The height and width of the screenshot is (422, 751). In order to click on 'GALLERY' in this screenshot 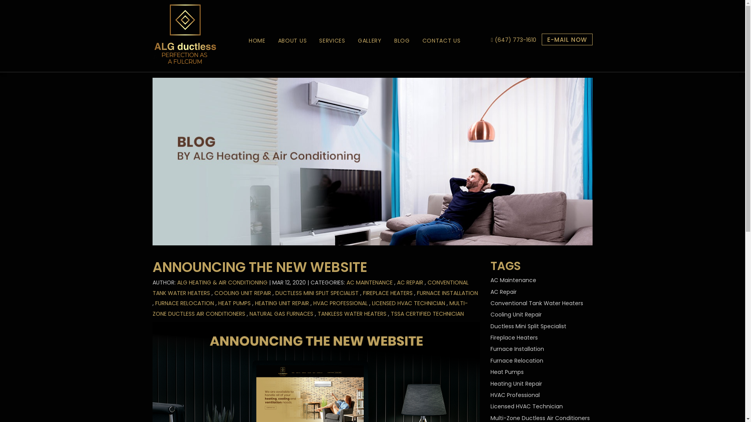, I will do `click(369, 41)`.